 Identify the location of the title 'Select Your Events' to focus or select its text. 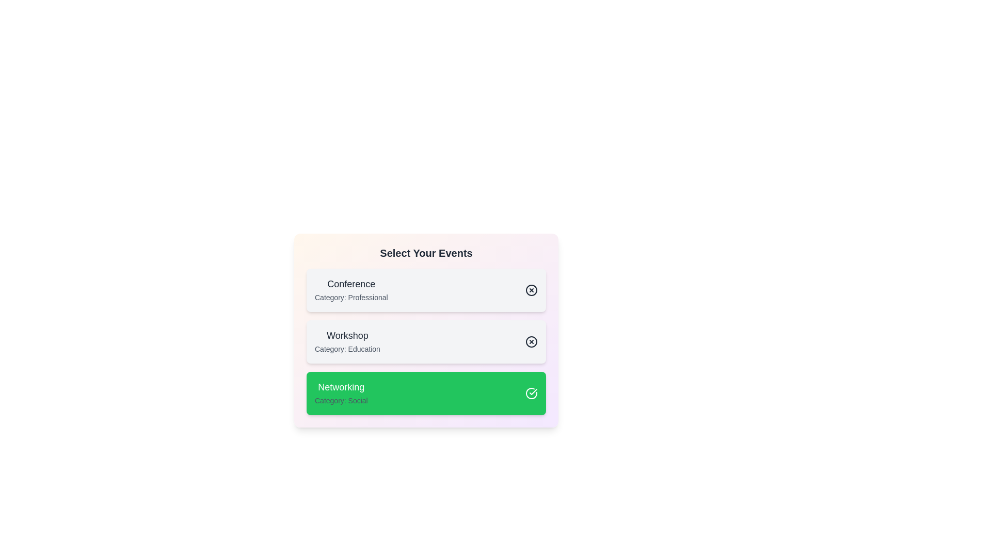
(426, 253).